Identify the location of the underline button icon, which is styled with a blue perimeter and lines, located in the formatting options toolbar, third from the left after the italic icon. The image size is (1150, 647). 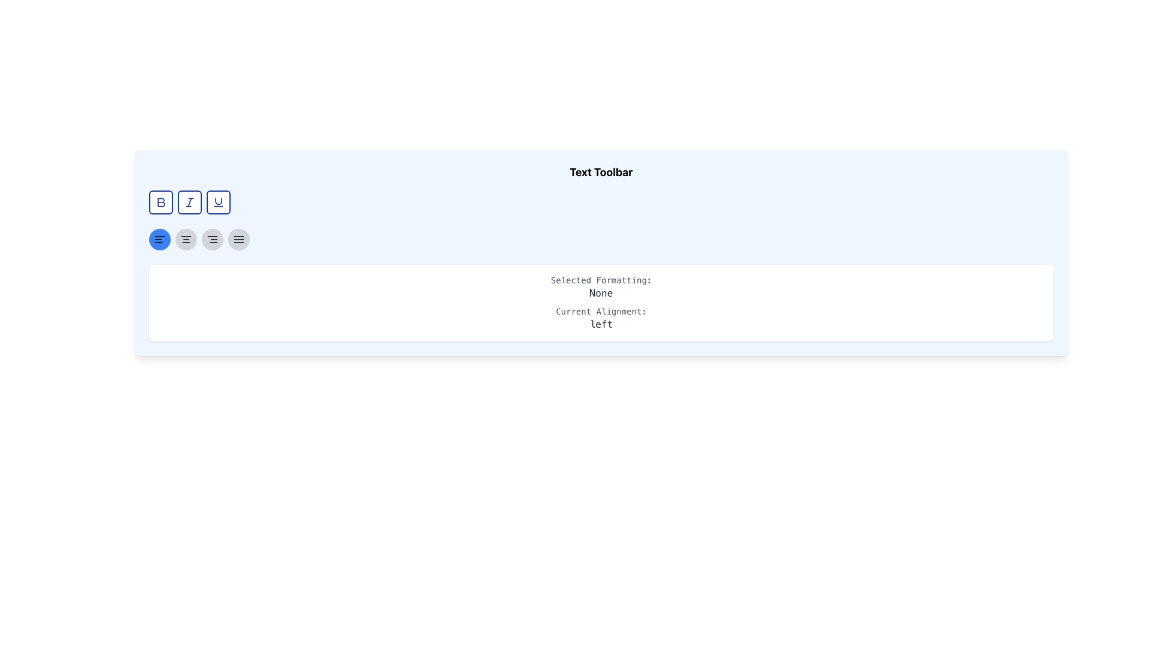
(218, 202).